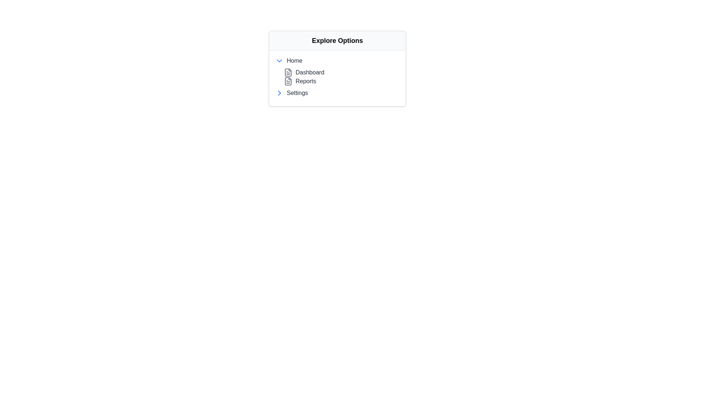  Describe the element at coordinates (288, 81) in the screenshot. I see `the 'Reports' icon` at that location.